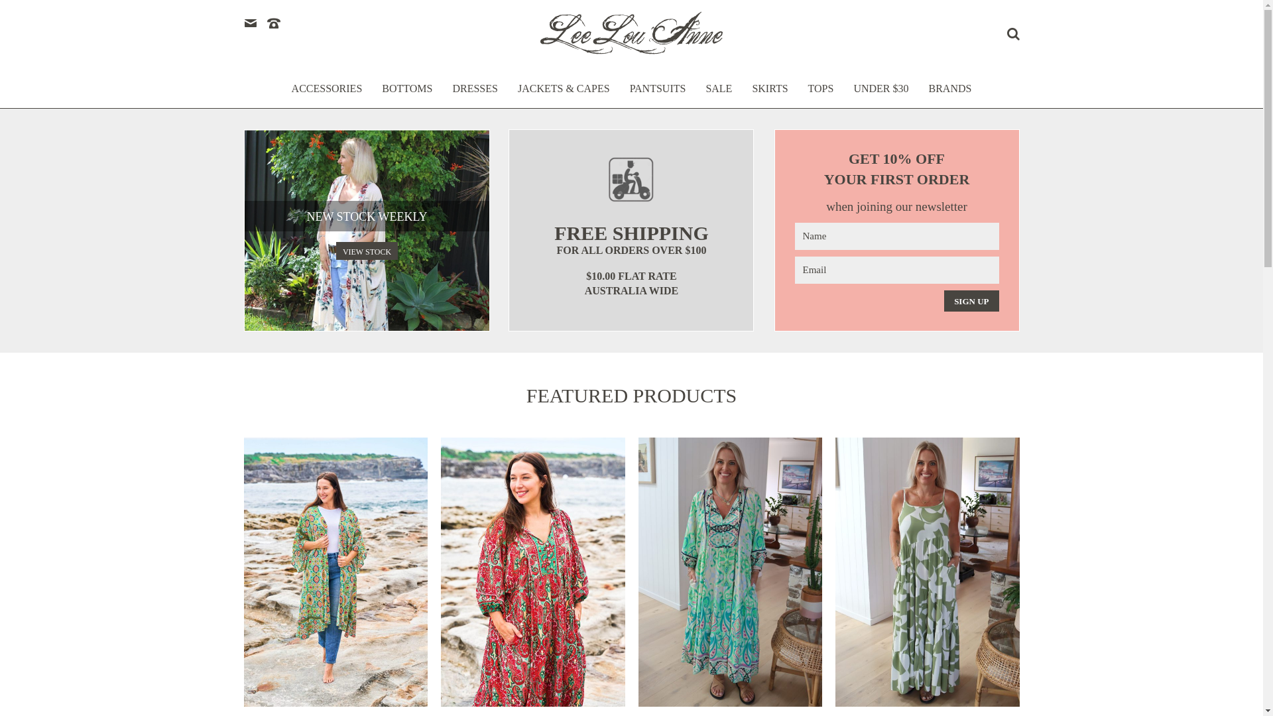 This screenshot has height=716, width=1273. Describe the element at coordinates (705, 94) in the screenshot. I see `'SALE'` at that location.